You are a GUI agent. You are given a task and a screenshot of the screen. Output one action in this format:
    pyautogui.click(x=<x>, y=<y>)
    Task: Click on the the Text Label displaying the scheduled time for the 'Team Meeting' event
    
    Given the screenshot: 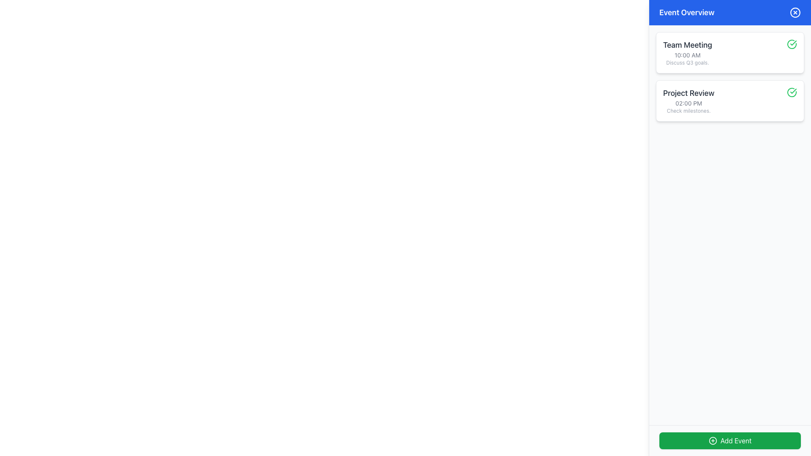 What is the action you would take?
    pyautogui.click(x=687, y=55)
    